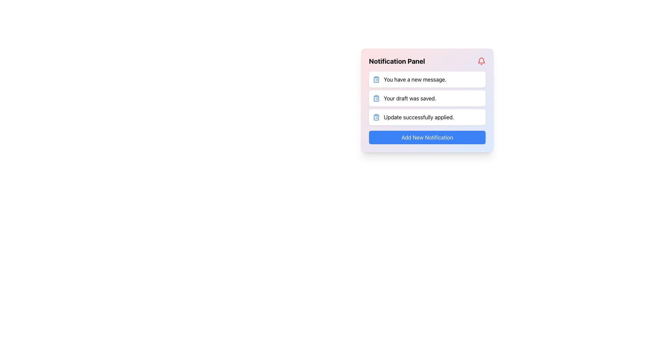  What do you see at coordinates (427, 100) in the screenshot?
I see `text displayed in the 'Notification Panel' which features a gradient background from red to blue and contains notifications in white rounded rectangles` at bounding box center [427, 100].